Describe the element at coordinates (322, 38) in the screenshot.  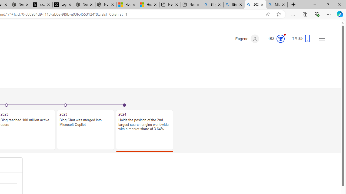
I see `'Settings and quick links'` at that location.